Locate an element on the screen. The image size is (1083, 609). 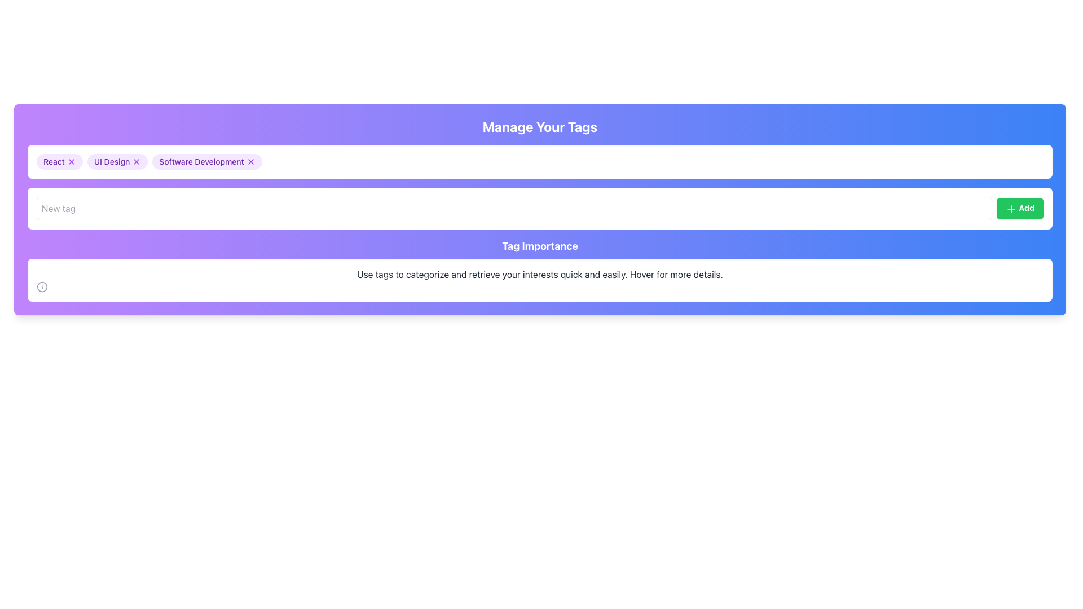
the 'Add' button located at the far-right of the 'New tag' input field is located at coordinates (1020, 209).